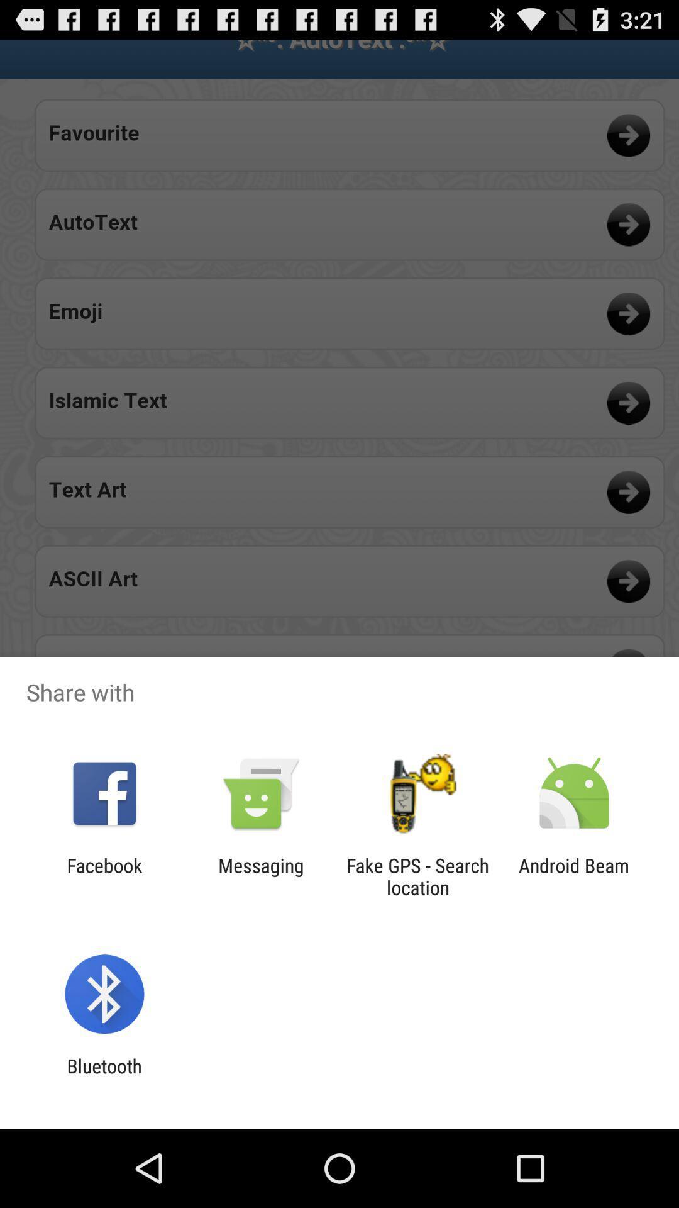 Image resolution: width=679 pixels, height=1208 pixels. What do you see at coordinates (417, 876) in the screenshot?
I see `fake gps search` at bounding box center [417, 876].